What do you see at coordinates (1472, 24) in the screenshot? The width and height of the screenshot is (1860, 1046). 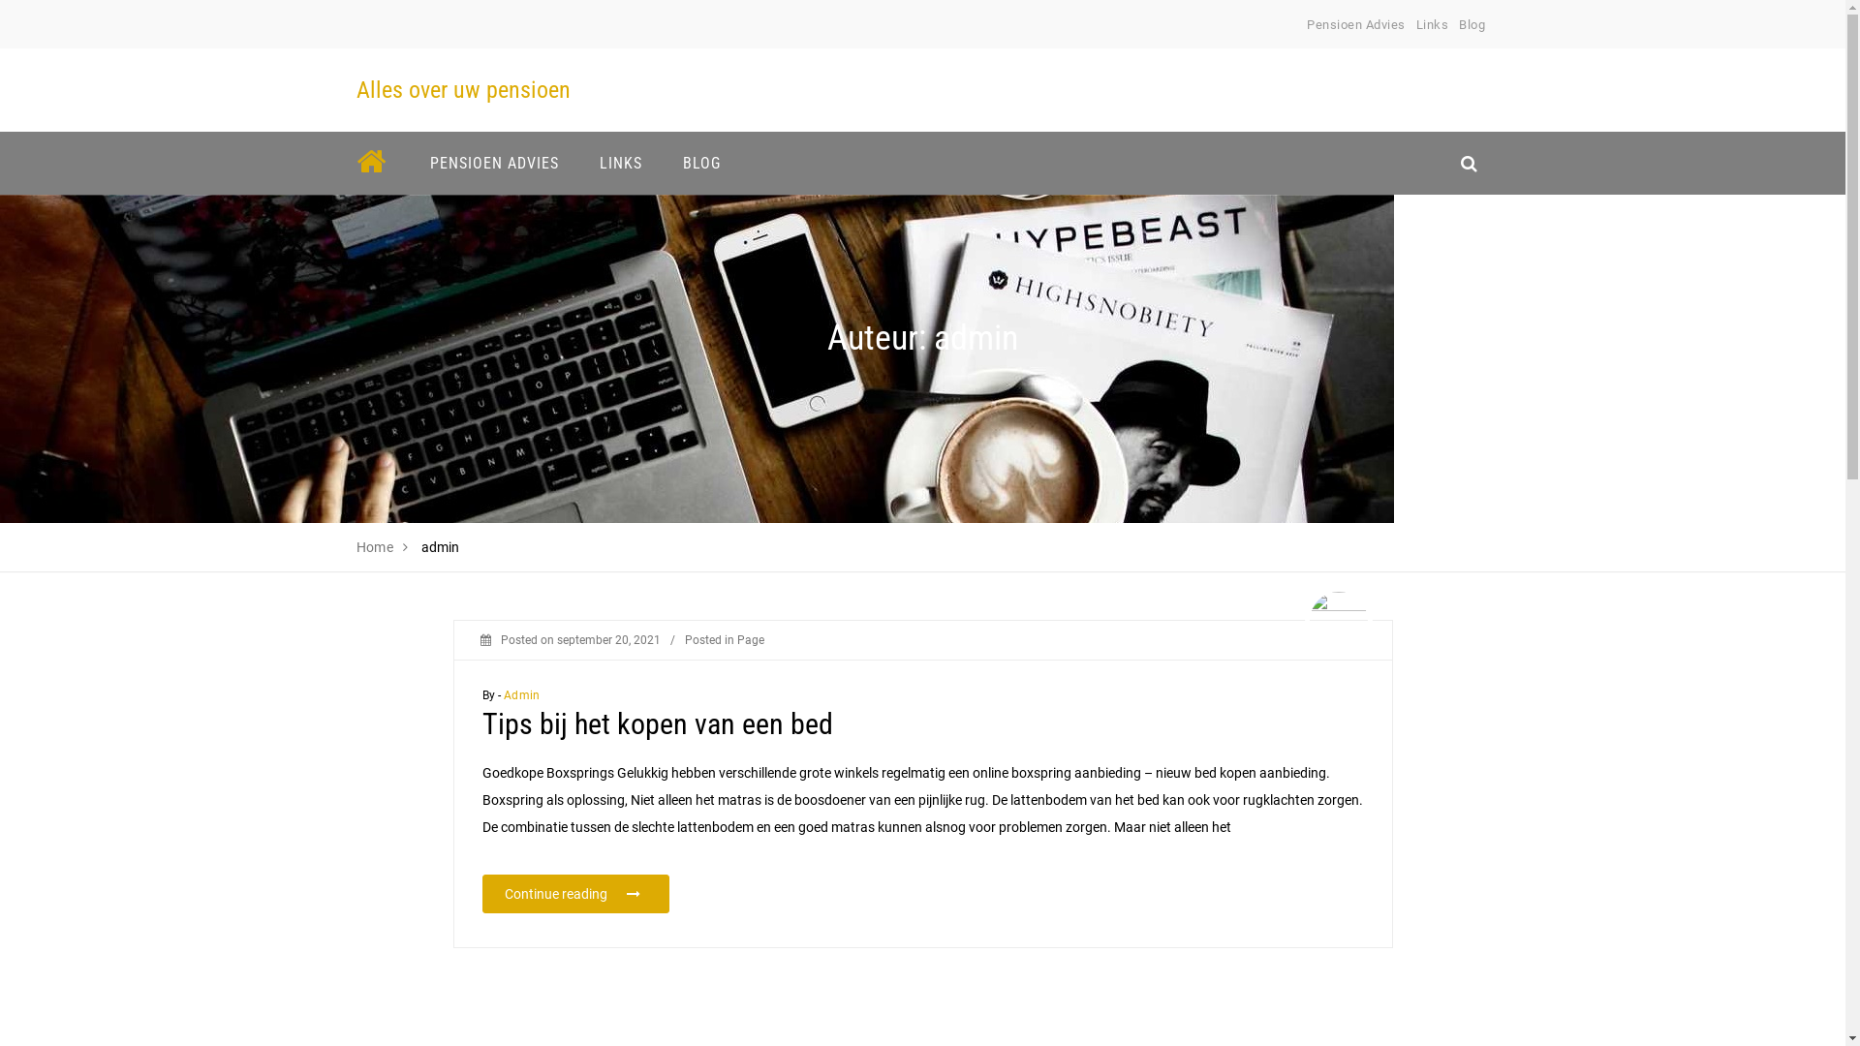 I see `'Blog'` at bounding box center [1472, 24].